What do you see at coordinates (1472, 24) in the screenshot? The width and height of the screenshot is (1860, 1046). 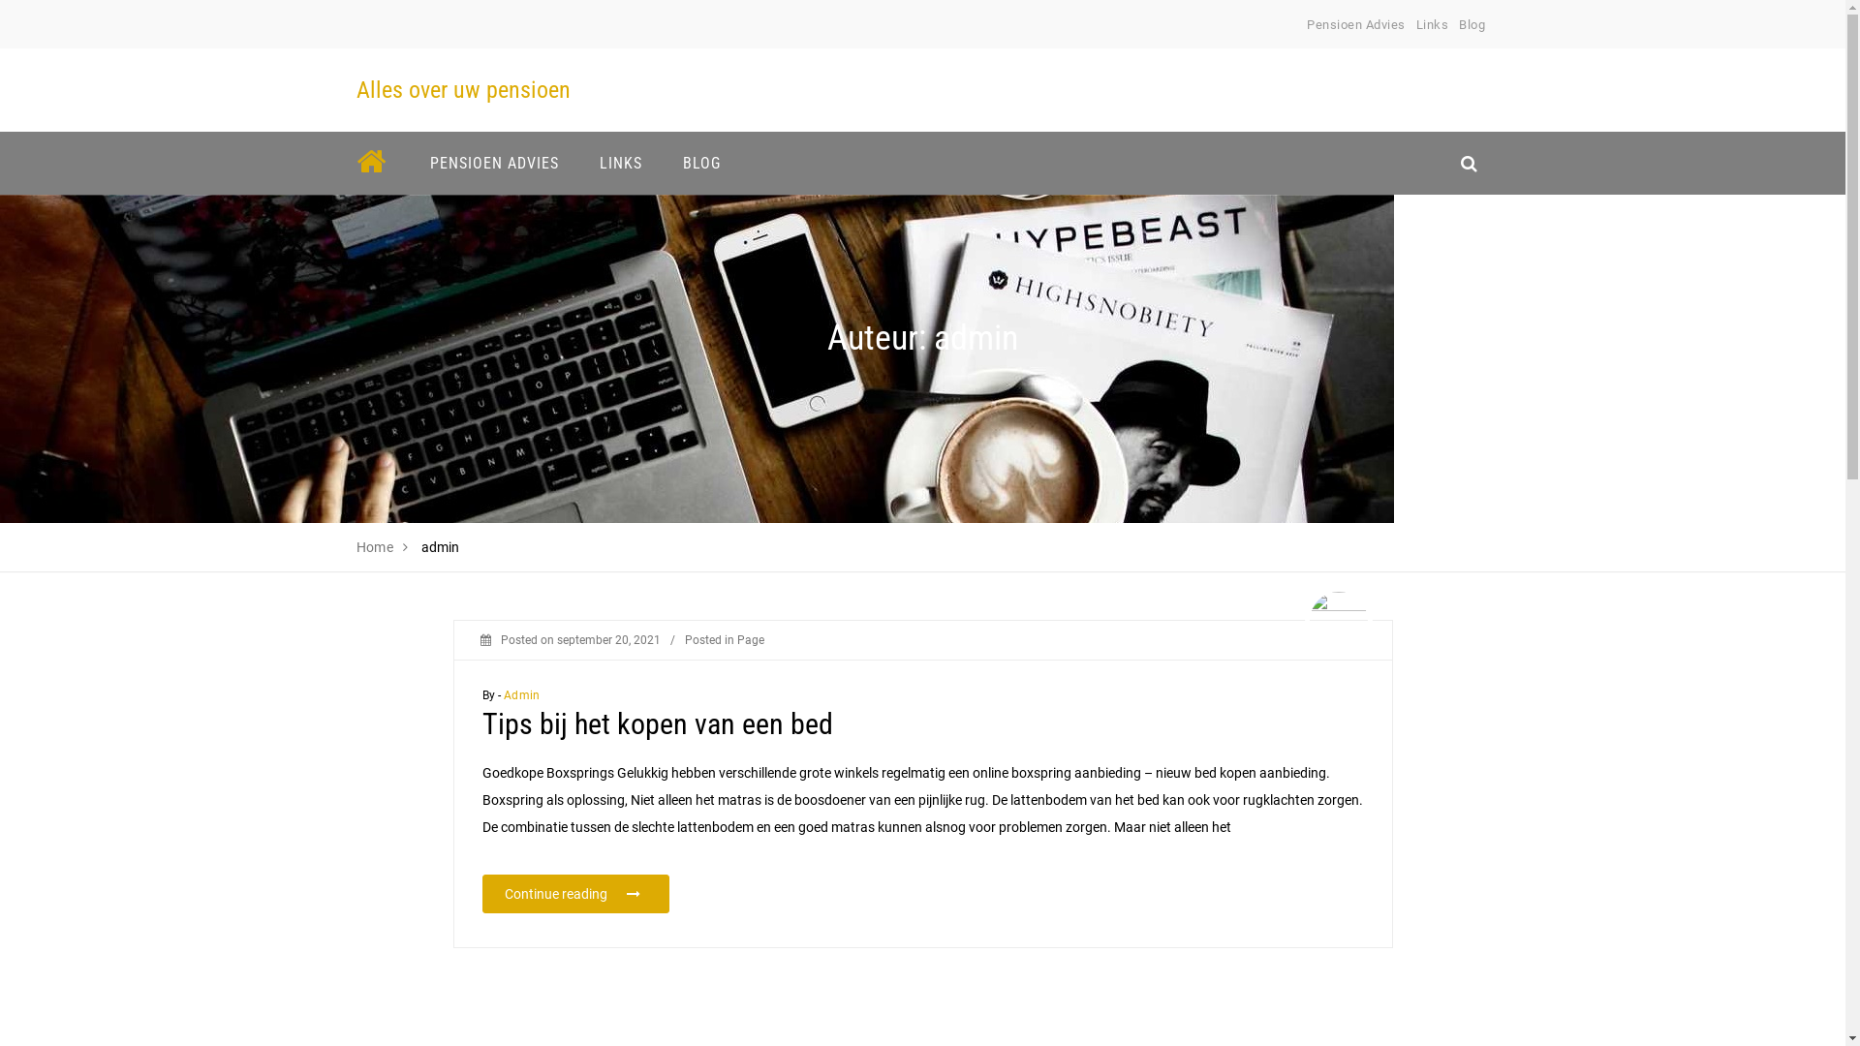 I see `'Blog'` at bounding box center [1472, 24].